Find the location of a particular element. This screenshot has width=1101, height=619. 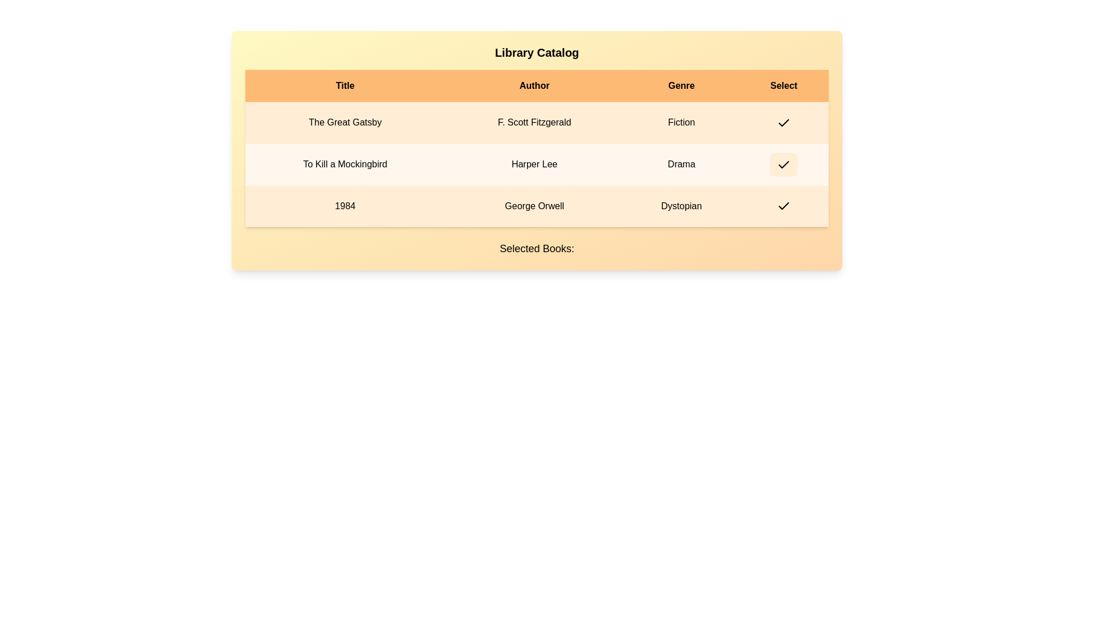

the Table Header Row that contains the column titles 'Title', 'Author', 'Genre', and 'Select' for the book entries is located at coordinates (536, 85).